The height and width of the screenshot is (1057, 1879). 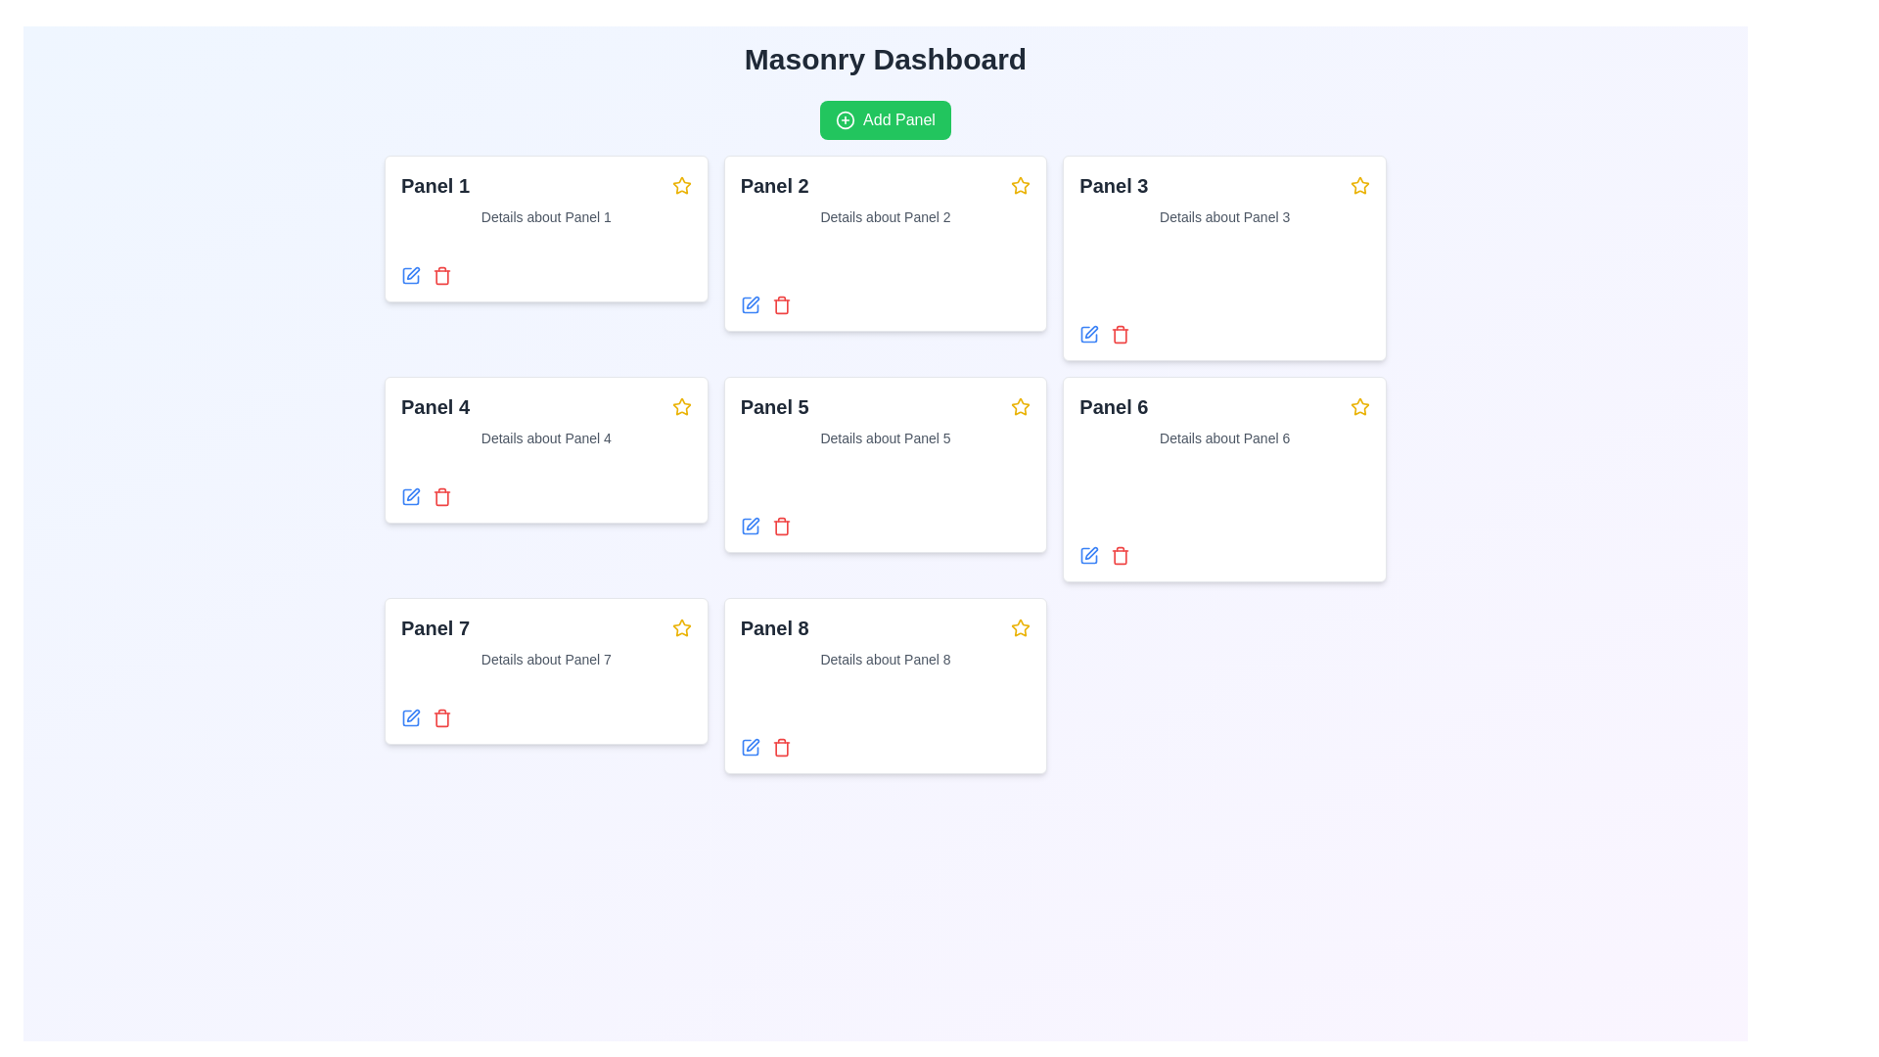 I want to click on the star icon located at the top-right corner of the Panel 1 card to trigger tooltips or visual changes, so click(x=681, y=185).